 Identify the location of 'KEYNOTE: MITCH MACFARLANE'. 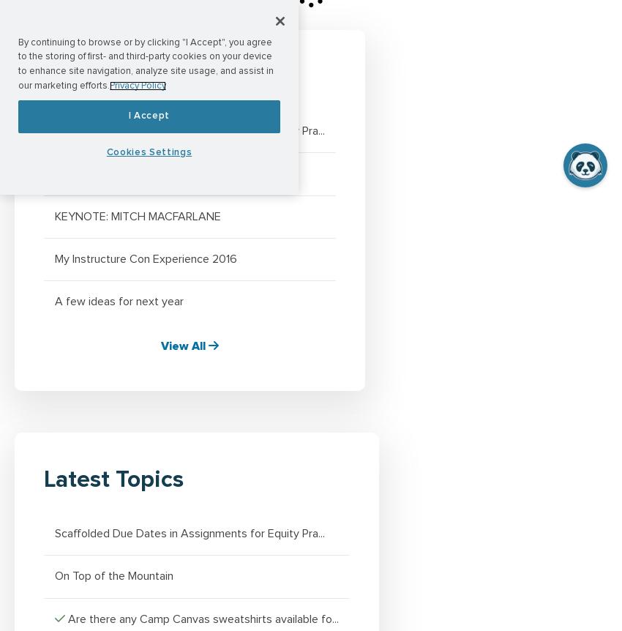
(137, 215).